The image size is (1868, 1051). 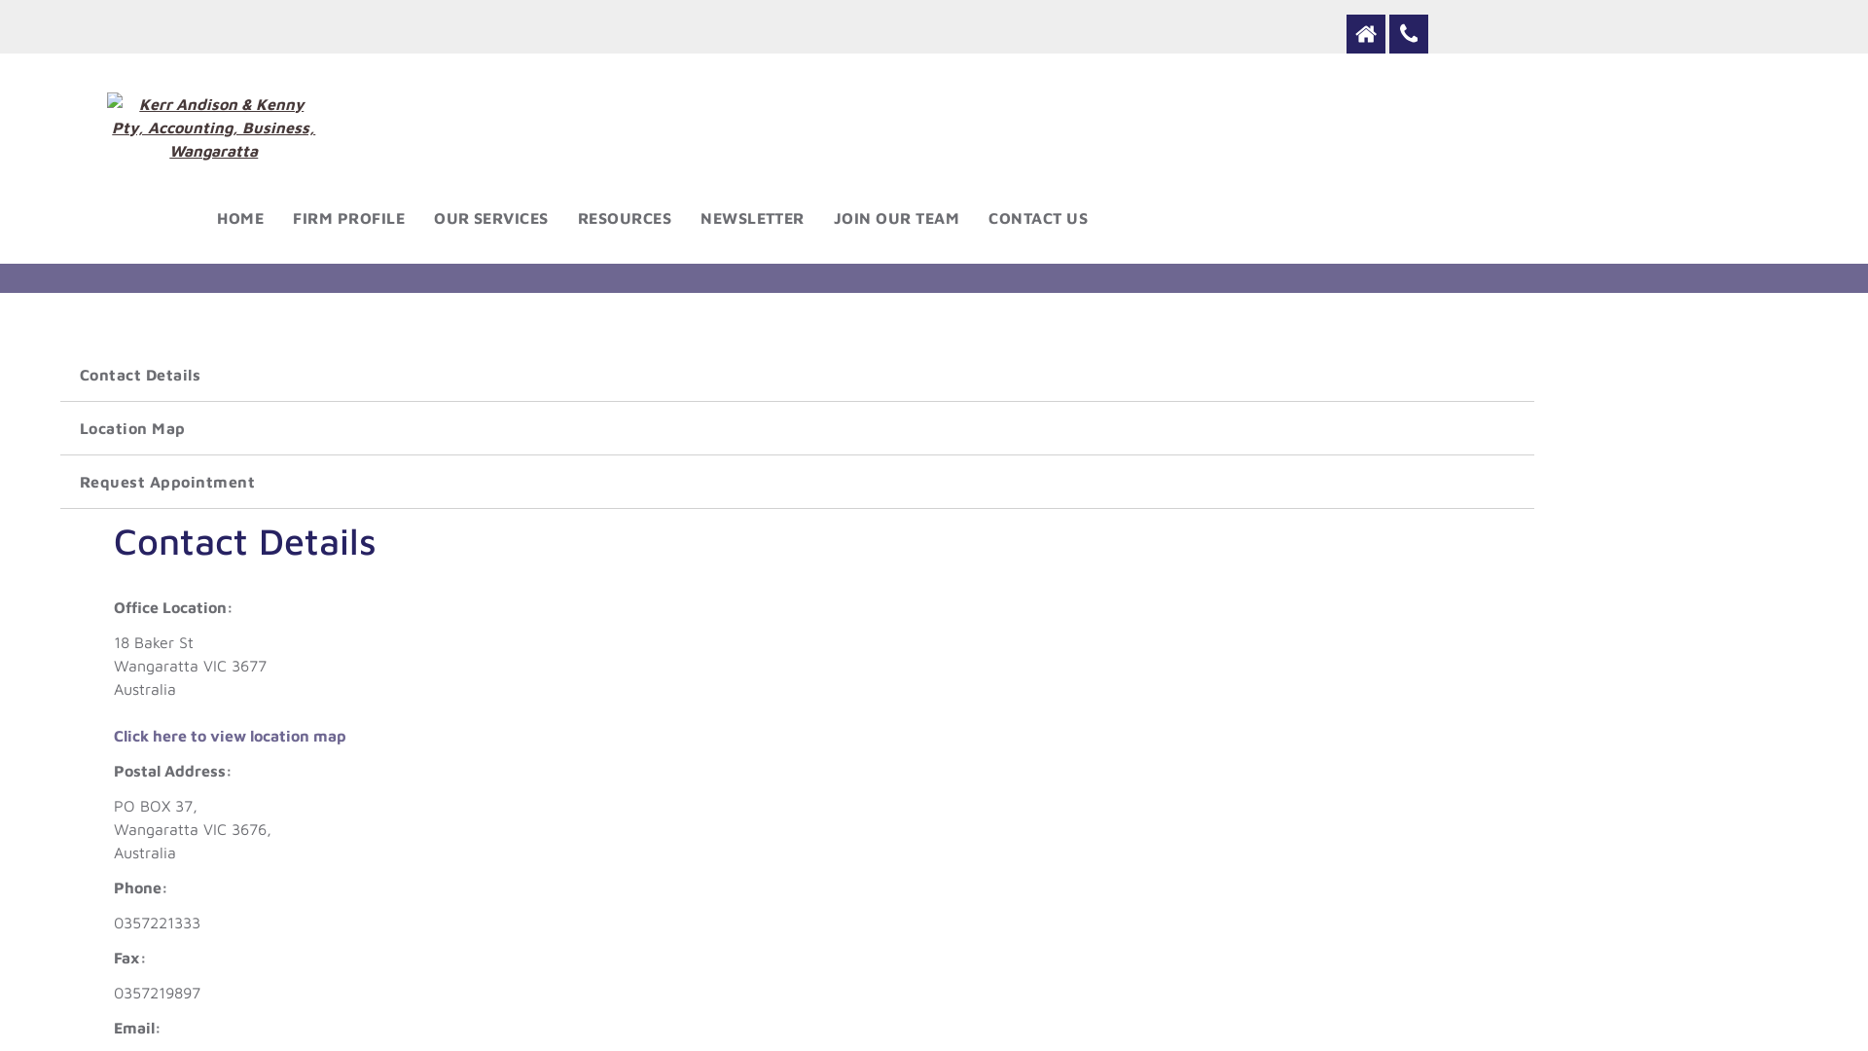 I want to click on 'OUR SERVICES', so click(x=490, y=217).